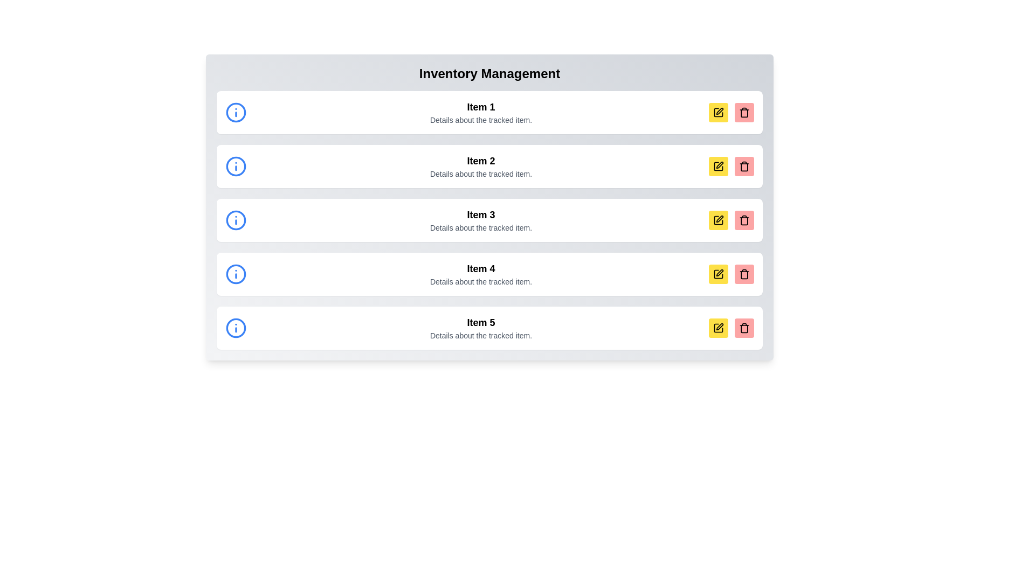  Describe the element at coordinates (719, 328) in the screenshot. I see `the square yellow button with rounded corners and a black pen icon inside, located to the left of a red delete button in the 'Item 5' entry` at that location.